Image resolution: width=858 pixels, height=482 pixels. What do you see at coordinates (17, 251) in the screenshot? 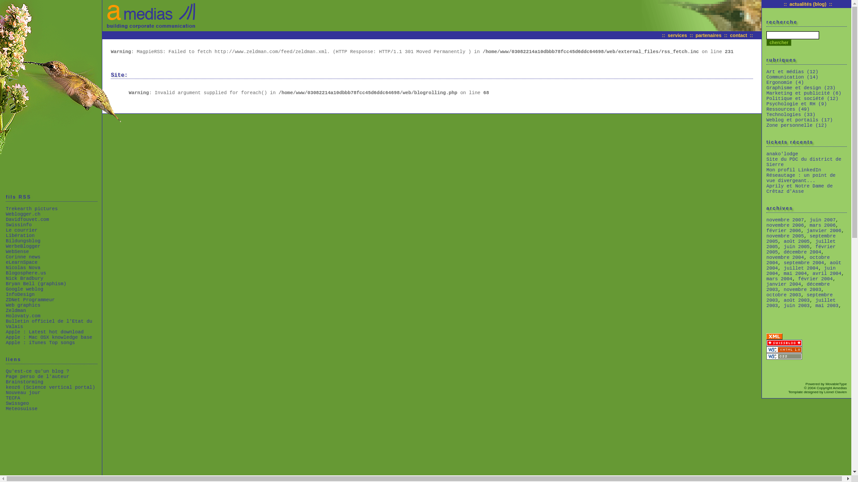
I see `'WebSense'` at bounding box center [17, 251].